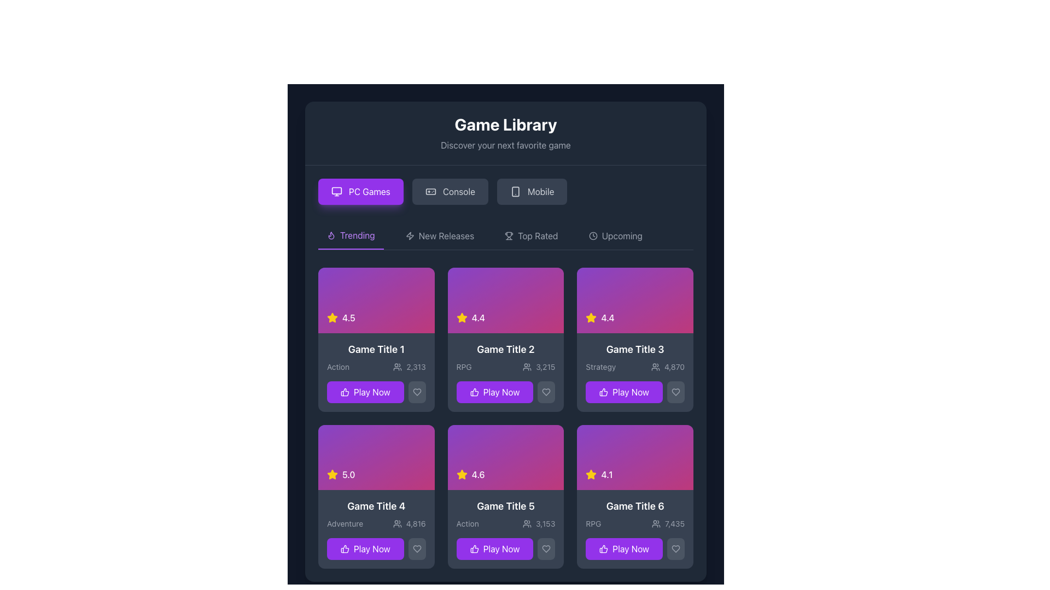 The image size is (1050, 590). Describe the element at coordinates (668, 523) in the screenshot. I see `the grid cell component containing the text '7,435' and the adjacent user group icon, located in the bottom-right cell labeled 'Game Title 6'` at that location.